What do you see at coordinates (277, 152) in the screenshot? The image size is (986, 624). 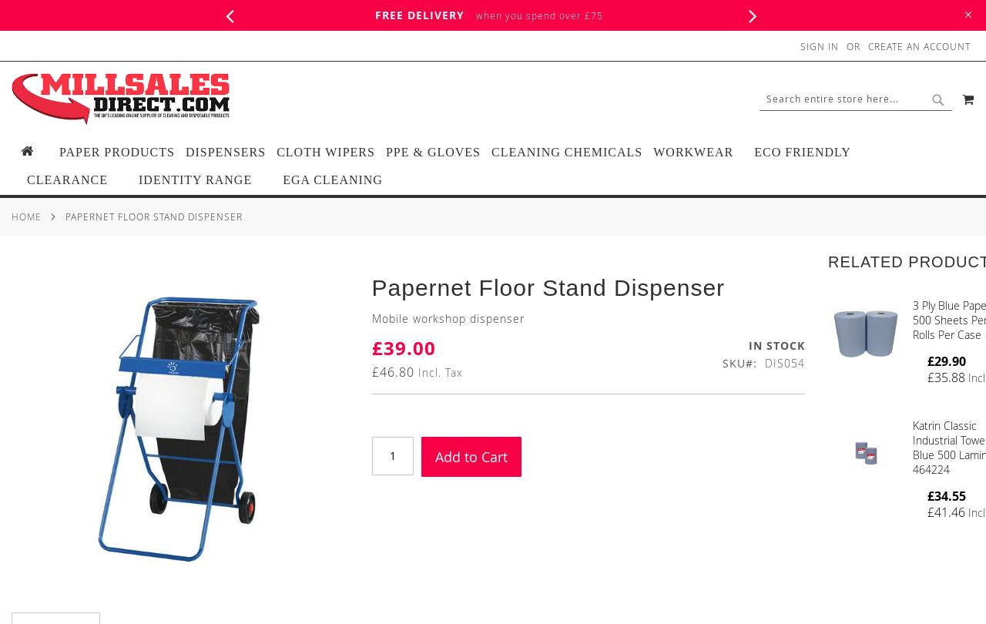 I see `'Cloth Wipers'` at bounding box center [277, 152].